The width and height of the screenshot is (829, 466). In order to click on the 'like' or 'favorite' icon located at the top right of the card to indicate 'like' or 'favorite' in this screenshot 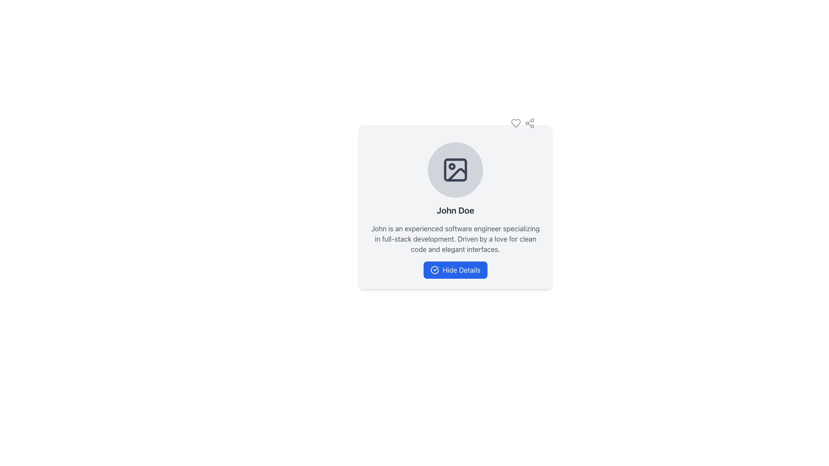, I will do `click(516, 123)`.